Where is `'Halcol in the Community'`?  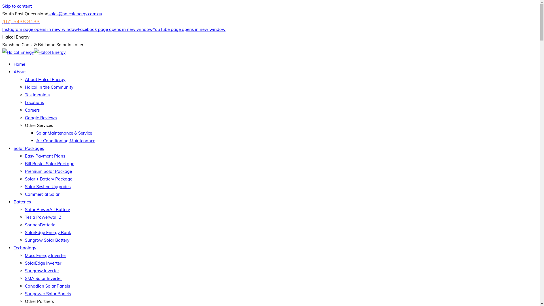 'Halcol in the Community' is located at coordinates (49, 87).